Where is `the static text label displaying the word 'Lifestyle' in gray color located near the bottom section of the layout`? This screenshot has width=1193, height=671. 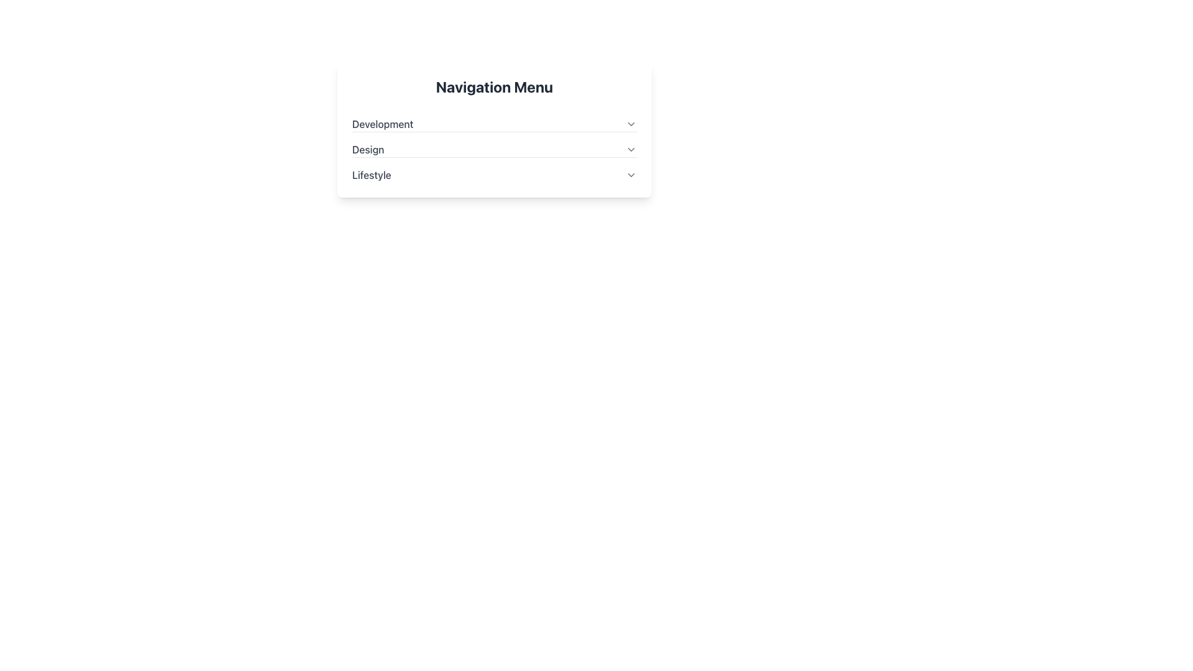
the static text label displaying the word 'Lifestyle' in gray color located near the bottom section of the layout is located at coordinates (371, 175).